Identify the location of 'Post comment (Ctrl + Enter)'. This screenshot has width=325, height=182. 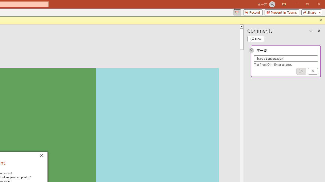
(301, 71).